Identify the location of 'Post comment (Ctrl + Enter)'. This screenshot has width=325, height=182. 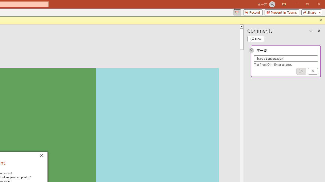
(301, 71).